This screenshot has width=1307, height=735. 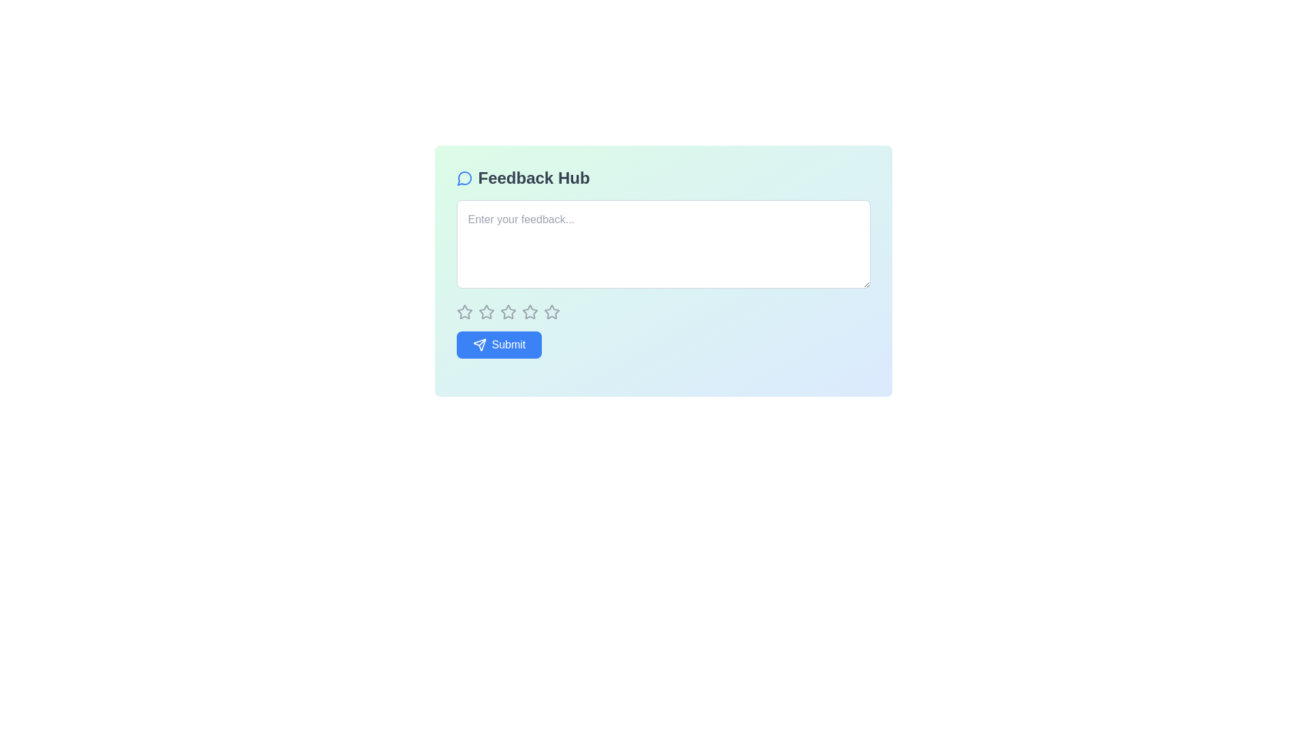 I want to click on the first rating star, which is a gray outline star icon in a horizontal group of 5, so click(x=464, y=312).